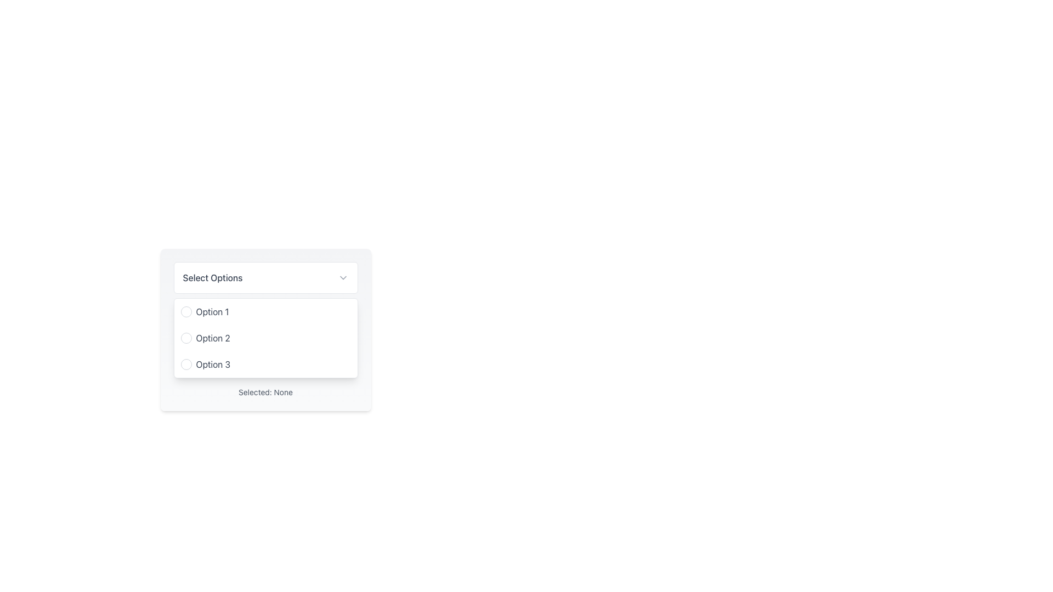  I want to click on the radio button for 'Option 3', so click(186, 364).